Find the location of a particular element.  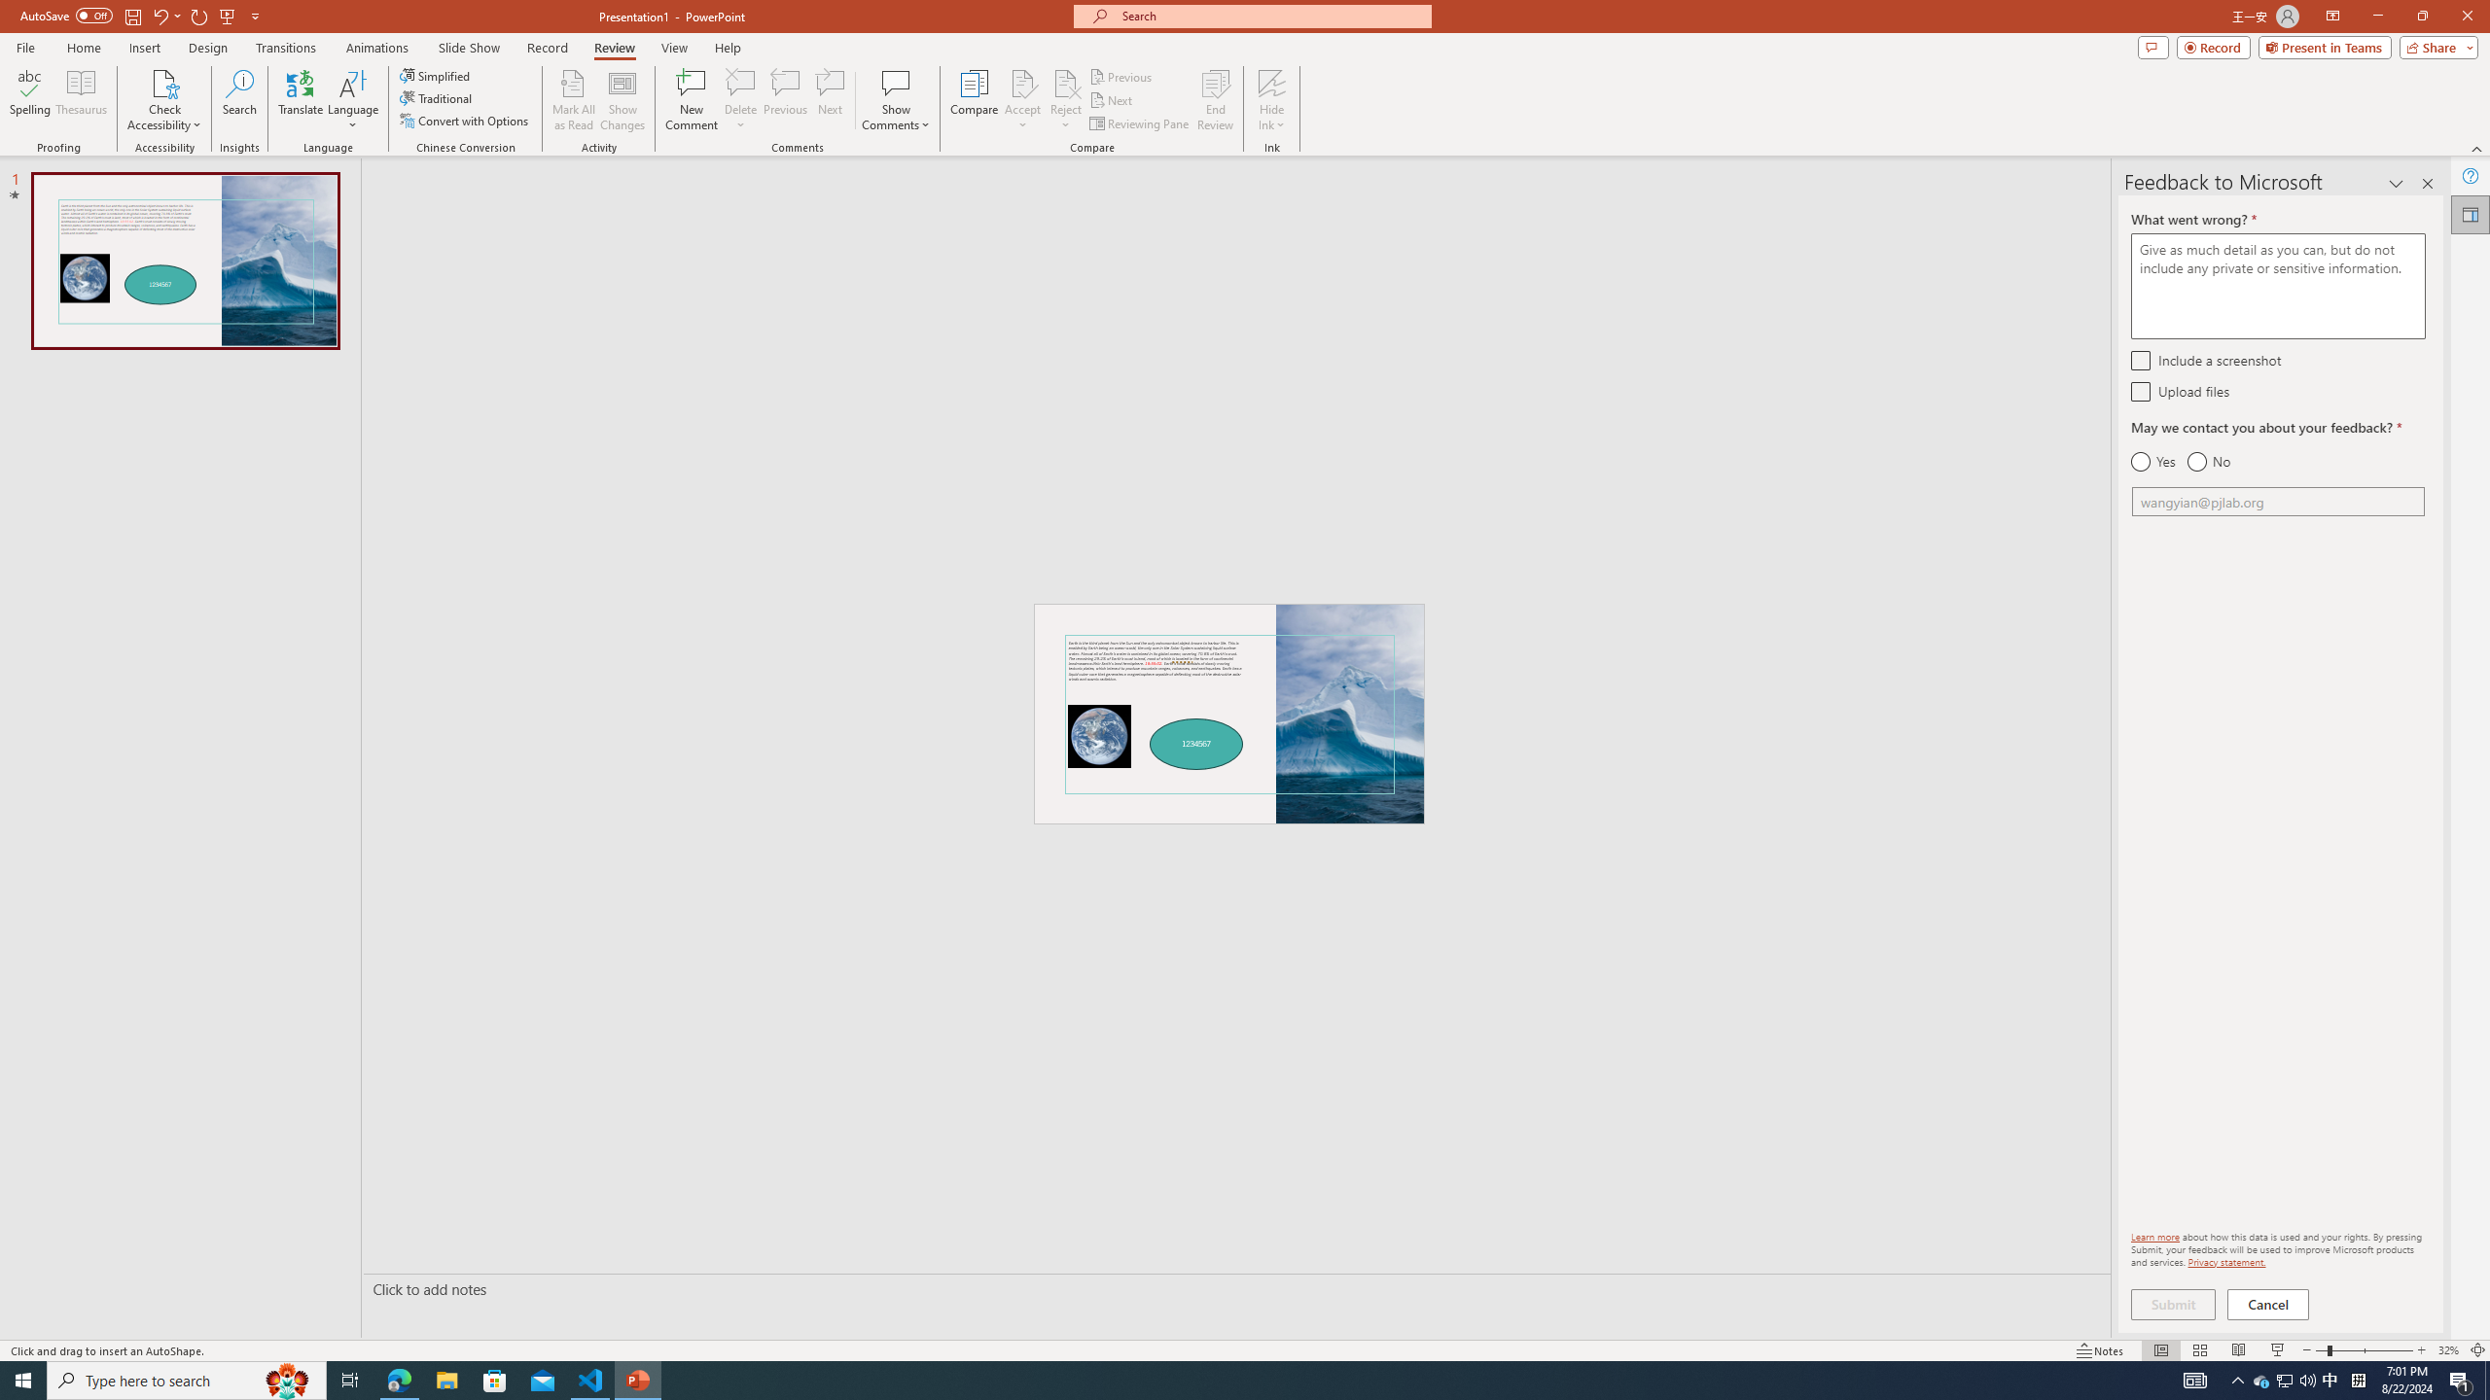

'Save' is located at coordinates (131, 15).